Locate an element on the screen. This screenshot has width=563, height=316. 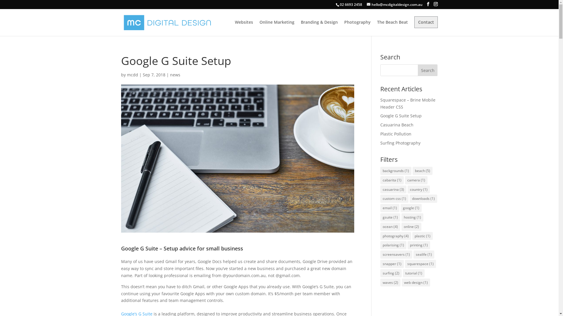
'Websites' is located at coordinates (243, 28).